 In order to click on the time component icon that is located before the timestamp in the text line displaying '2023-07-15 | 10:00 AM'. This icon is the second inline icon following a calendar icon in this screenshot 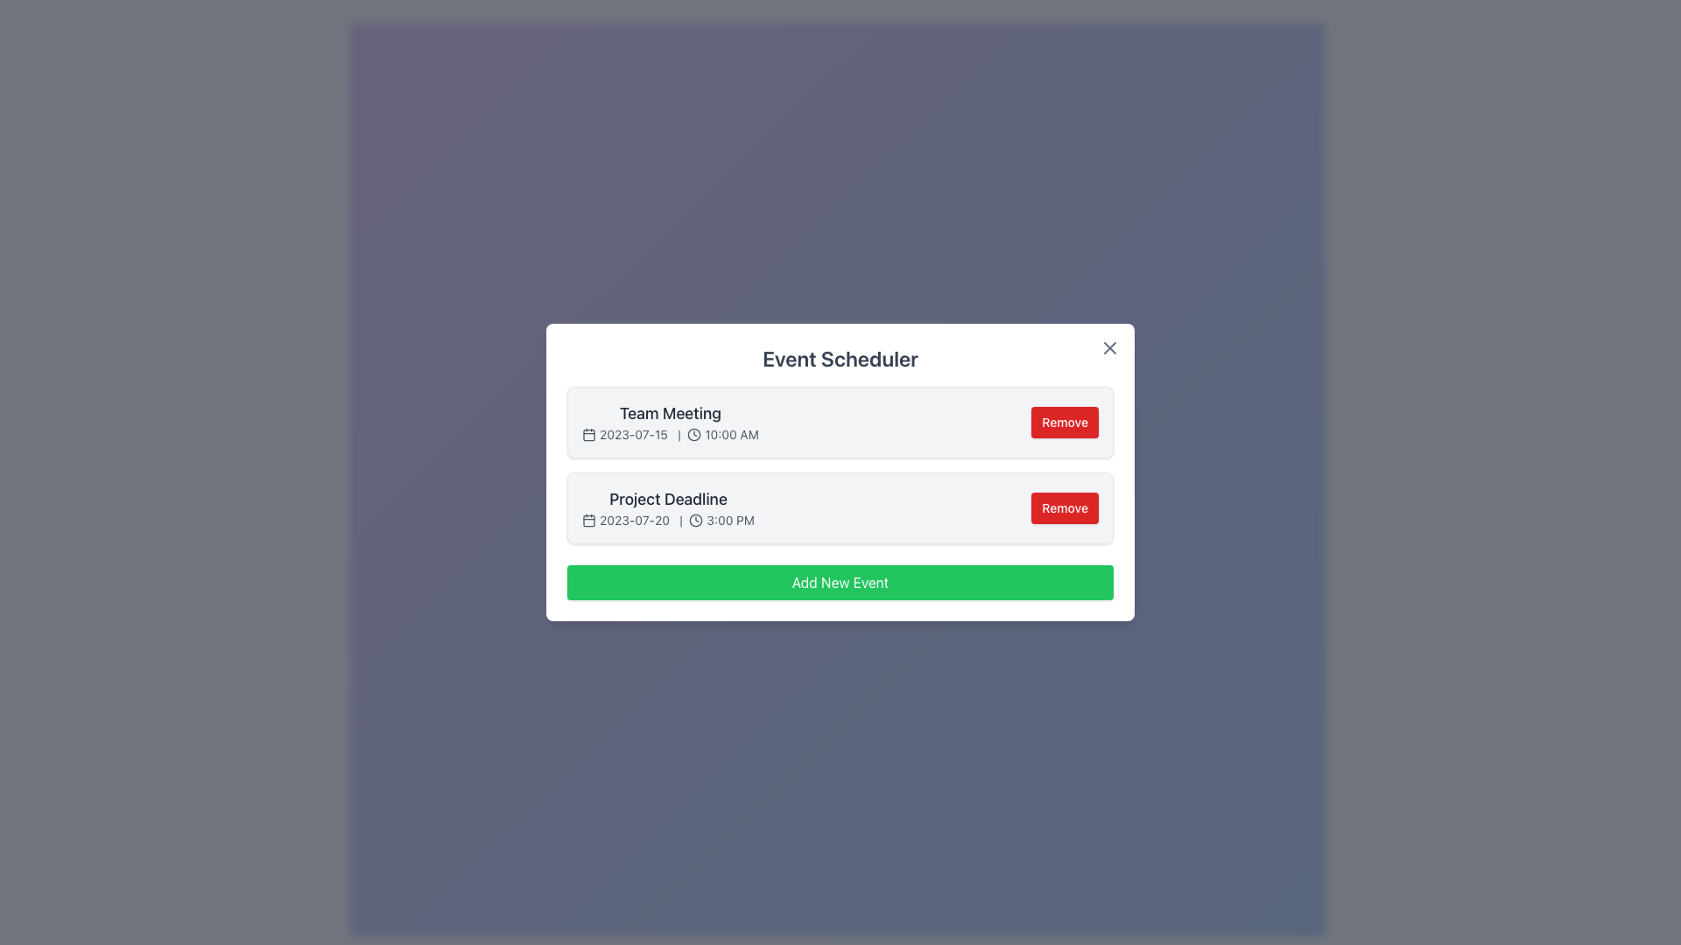, I will do `click(693, 434)`.